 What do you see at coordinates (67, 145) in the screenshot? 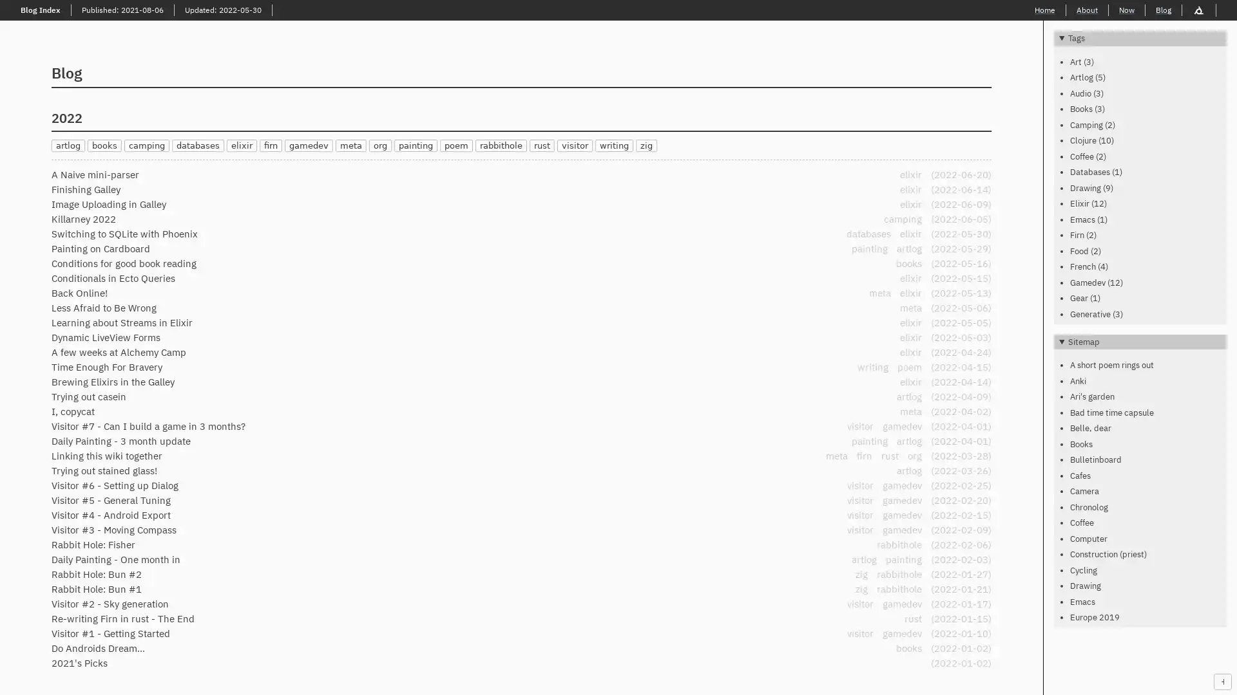
I see `artlog` at bounding box center [67, 145].